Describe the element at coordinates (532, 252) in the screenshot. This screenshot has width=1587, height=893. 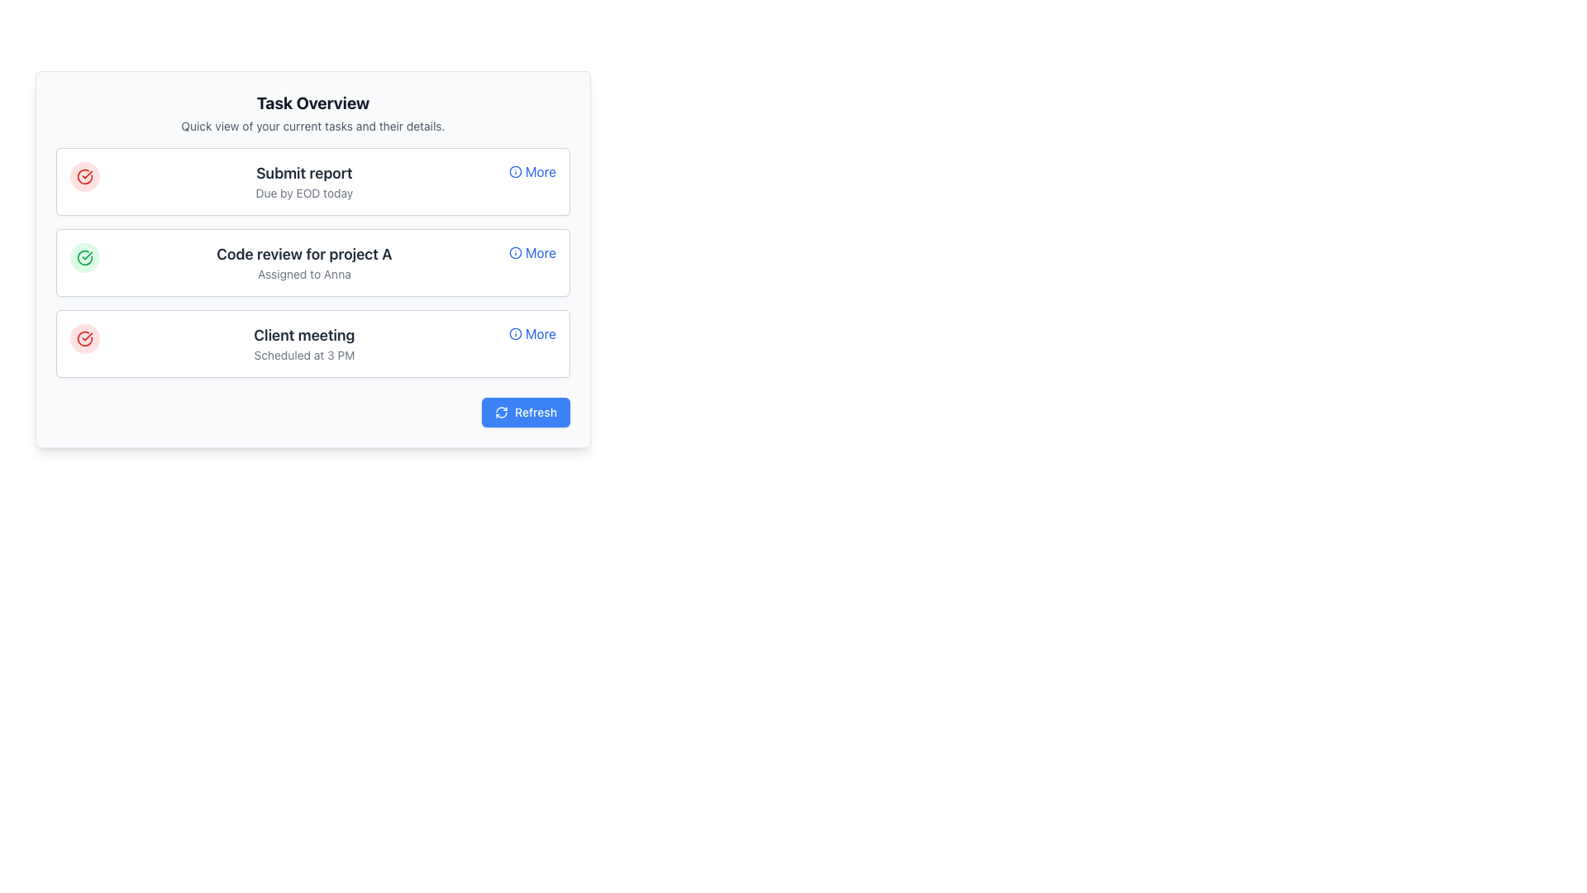
I see `the interactive text link for the task 'Code review for project A' to enable accessibility navigation` at that location.